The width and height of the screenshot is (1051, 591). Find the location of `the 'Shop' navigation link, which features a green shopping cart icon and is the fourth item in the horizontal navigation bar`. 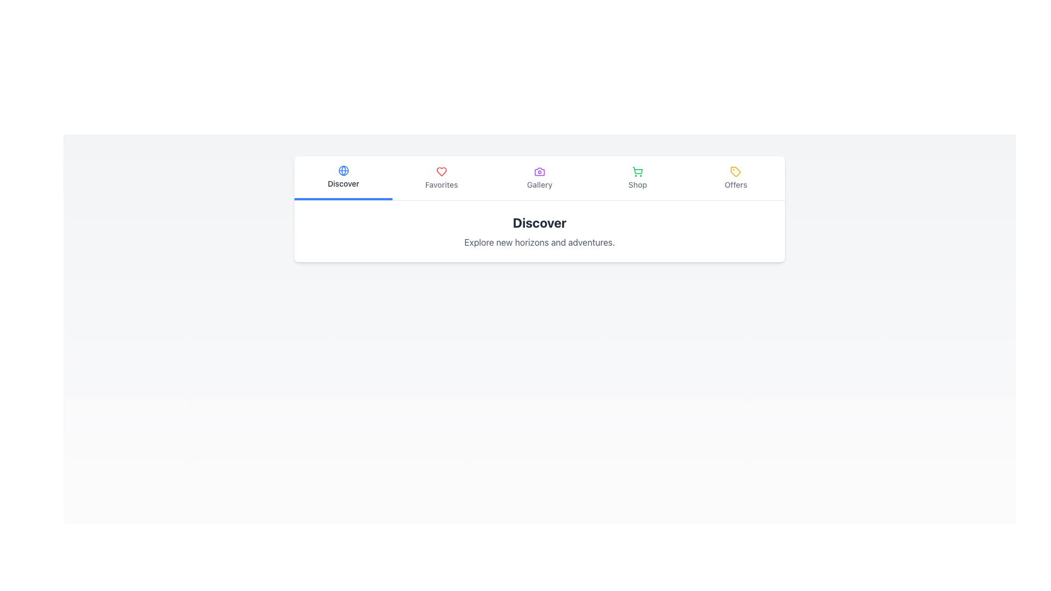

the 'Shop' navigation link, which features a green shopping cart icon and is the fourth item in the horizontal navigation bar is located at coordinates (638, 178).